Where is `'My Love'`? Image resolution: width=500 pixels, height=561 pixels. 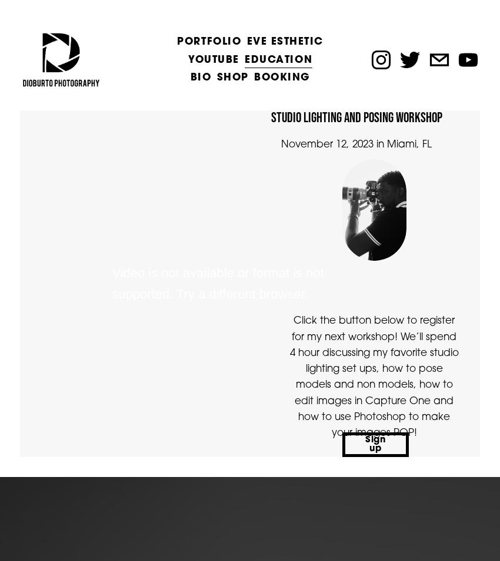 'My Love' is located at coordinates (176, 159).